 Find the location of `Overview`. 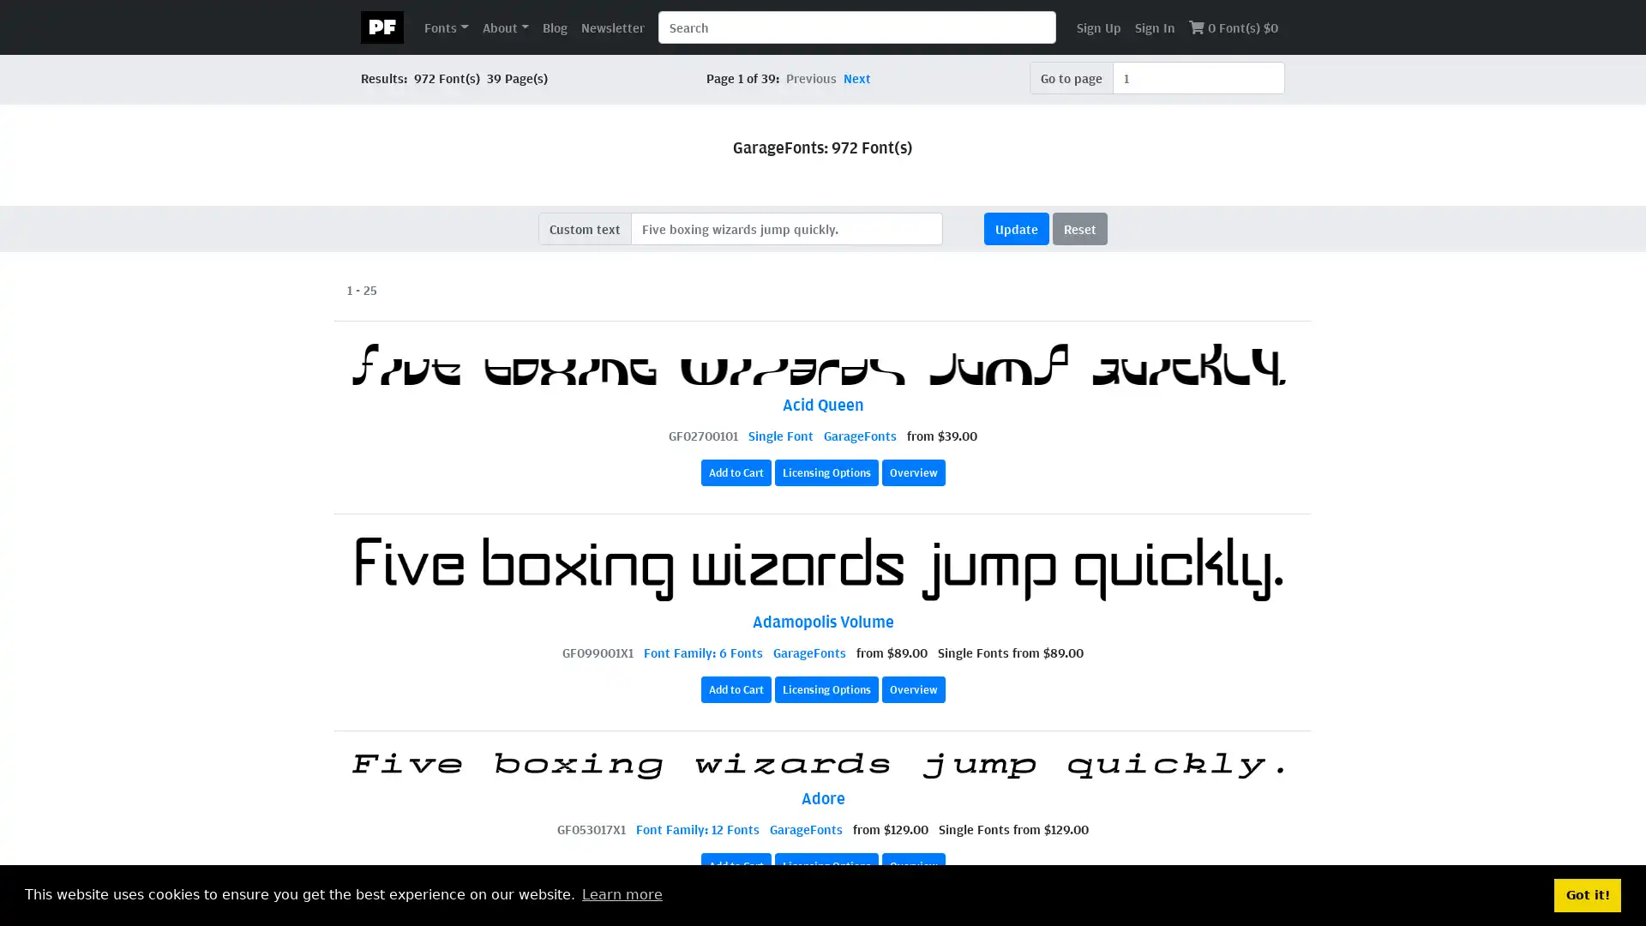

Overview is located at coordinates (912, 472).